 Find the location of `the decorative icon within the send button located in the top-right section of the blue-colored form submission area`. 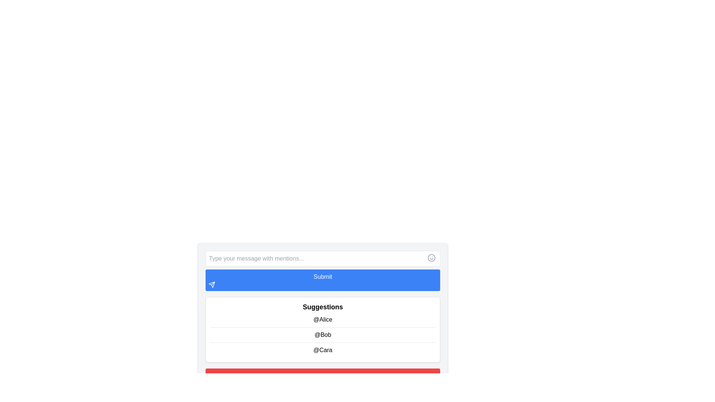

the decorative icon within the send button located in the top-right section of the blue-colored form submission area is located at coordinates (212, 284).